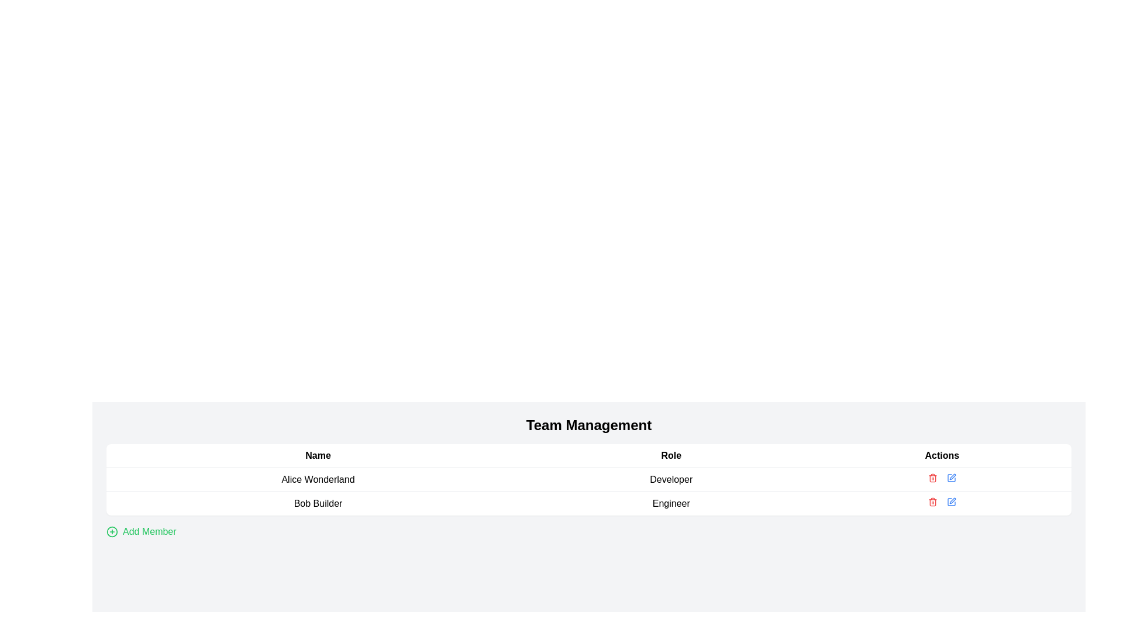 Image resolution: width=1123 pixels, height=632 pixels. Describe the element at coordinates (932, 501) in the screenshot. I see `the delete button icon located in the 'Actions' column of the second row in the table` at that location.